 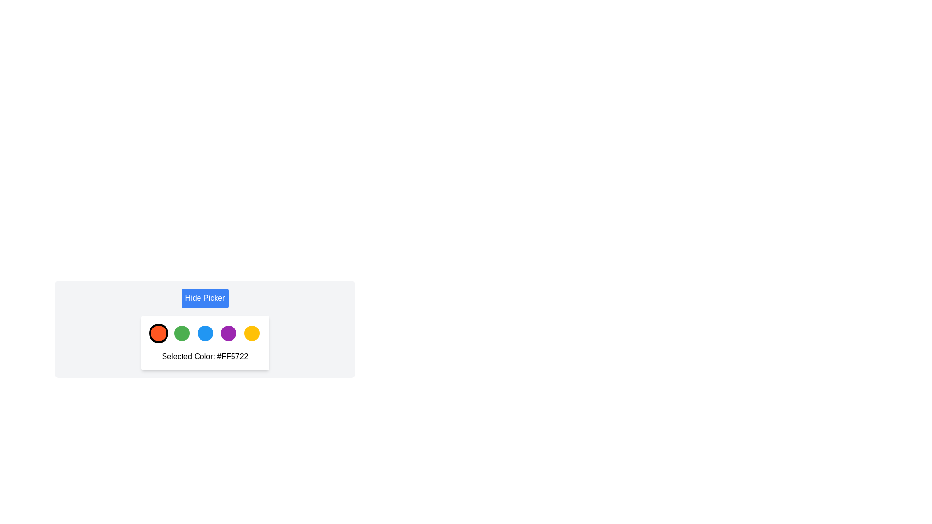 What do you see at coordinates (204, 332) in the screenshot?
I see `the circular blue button with a white border, which is the third in a sequence of five buttons` at bounding box center [204, 332].